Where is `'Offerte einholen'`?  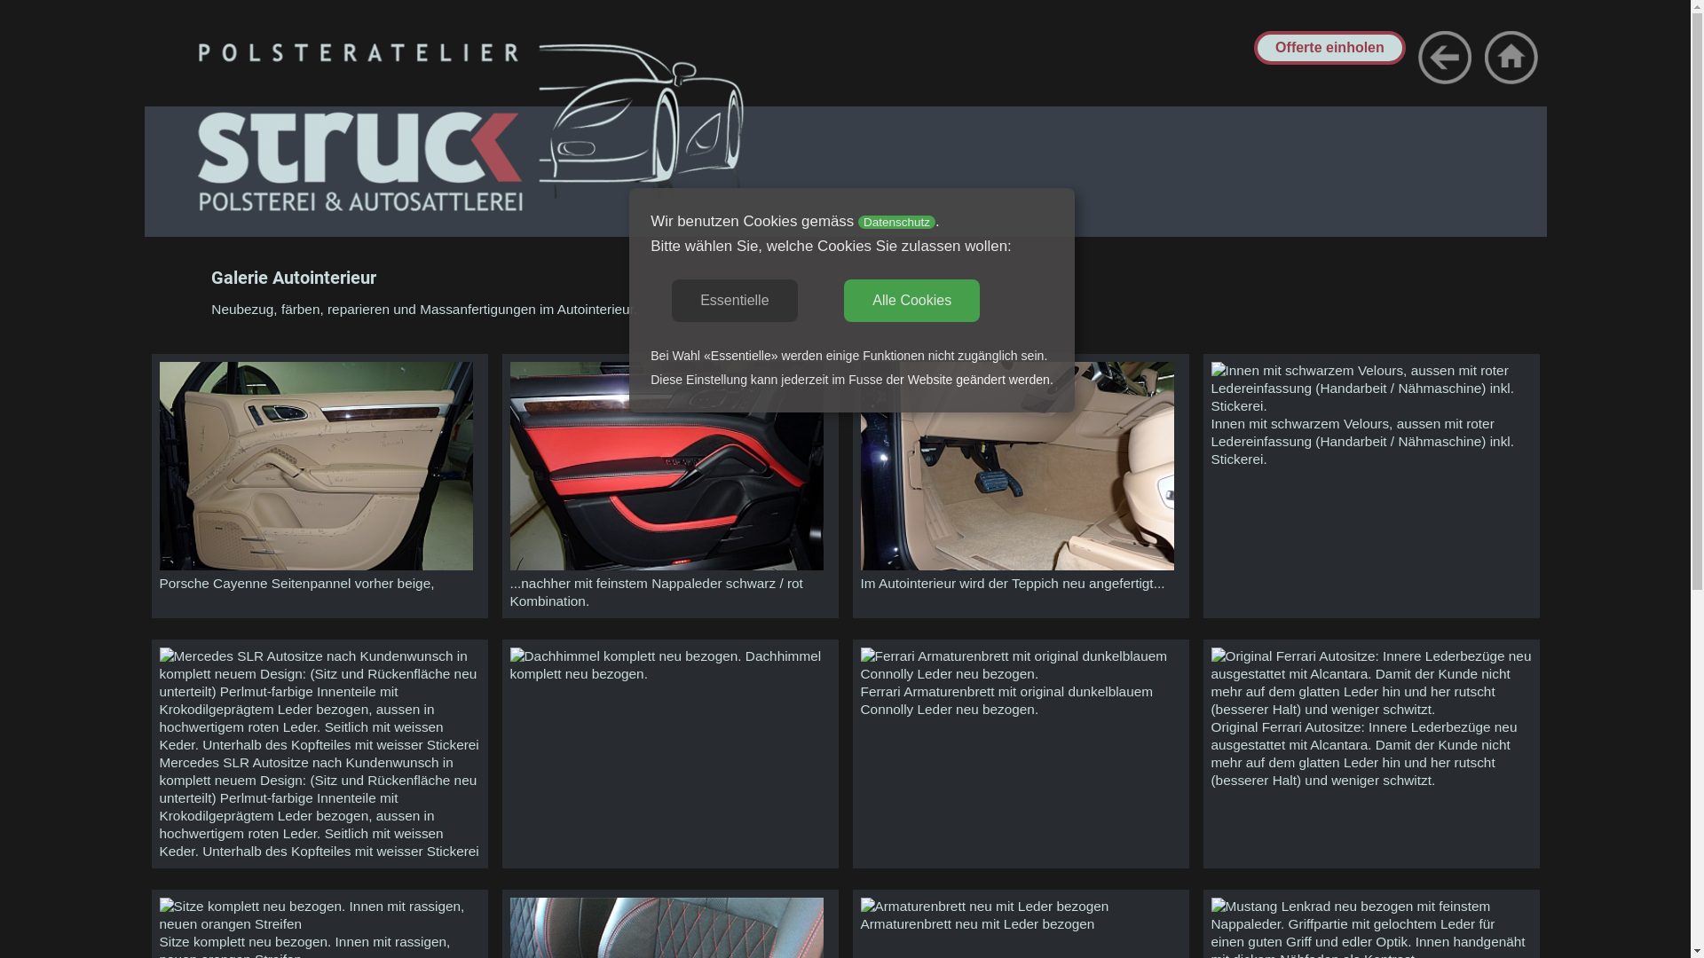
'Offerte einholen' is located at coordinates (1329, 46).